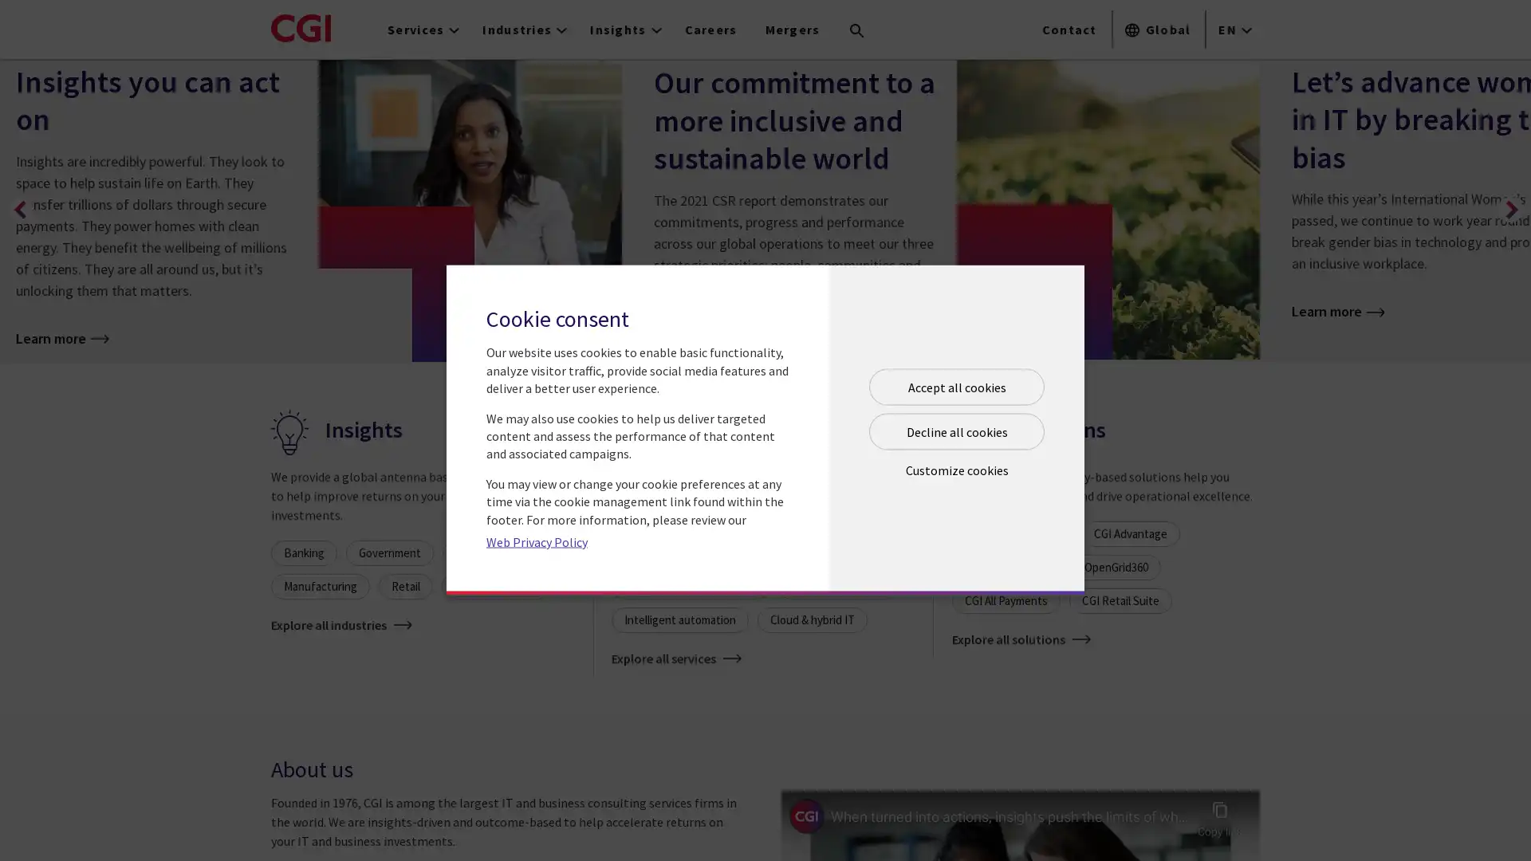 This screenshot has height=861, width=1531. I want to click on Search terms, so click(856, 31).